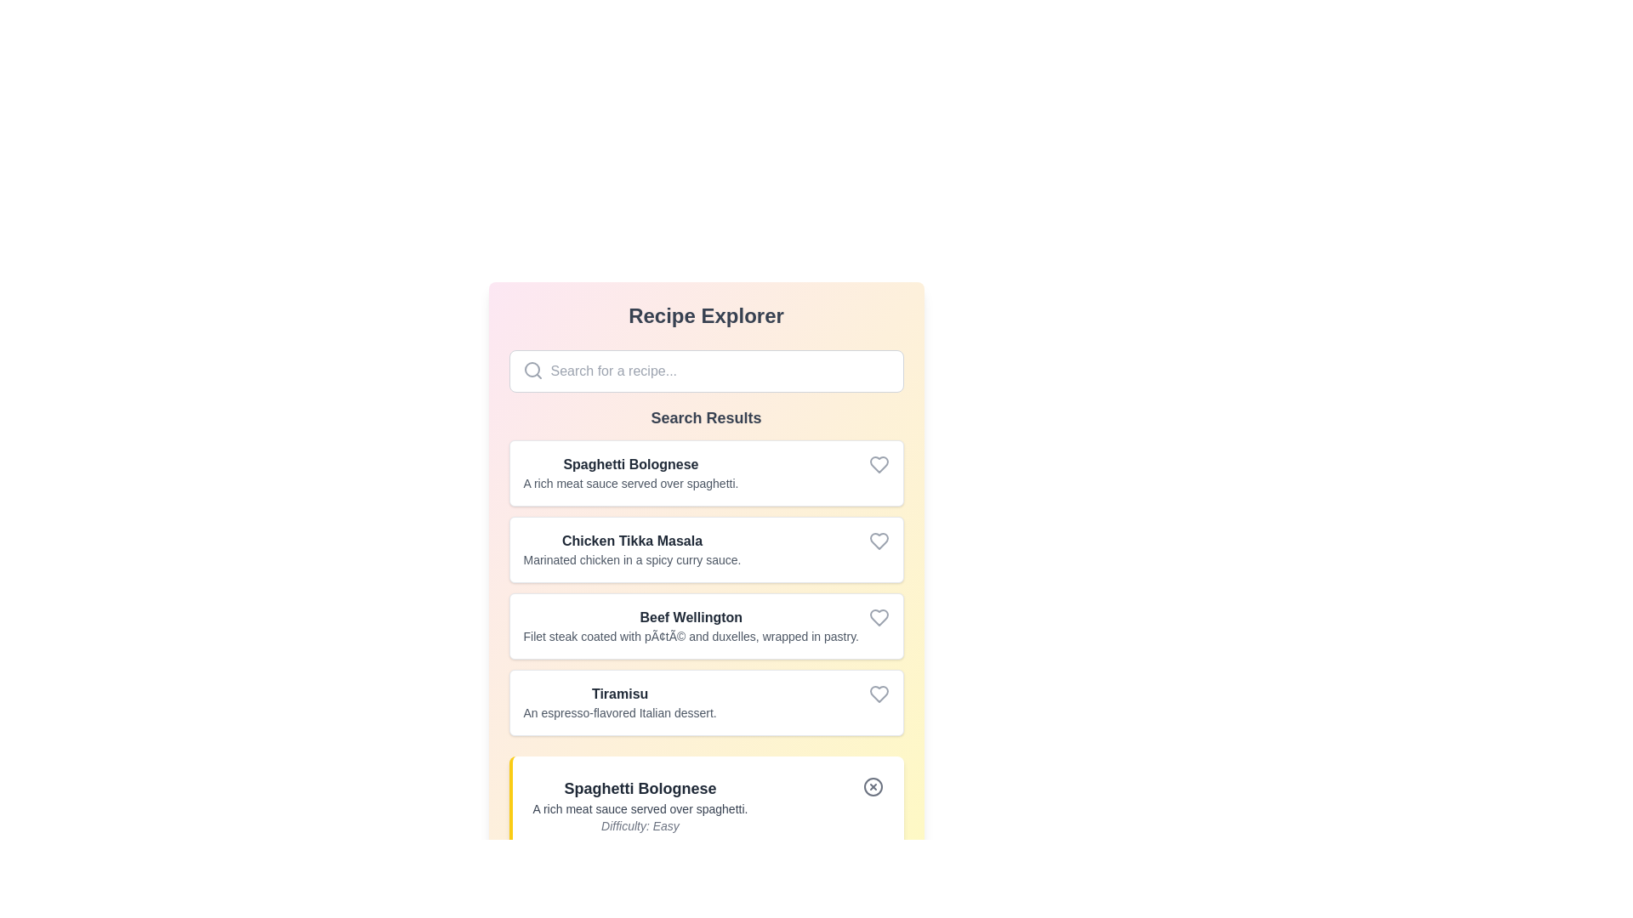 The width and height of the screenshot is (1633, 918). What do you see at coordinates (873, 786) in the screenshot?
I see `the icon button represented as a circle with an 'X' inside, located at the top-right corner of the 'Spaghetti Bolognese' card` at bounding box center [873, 786].